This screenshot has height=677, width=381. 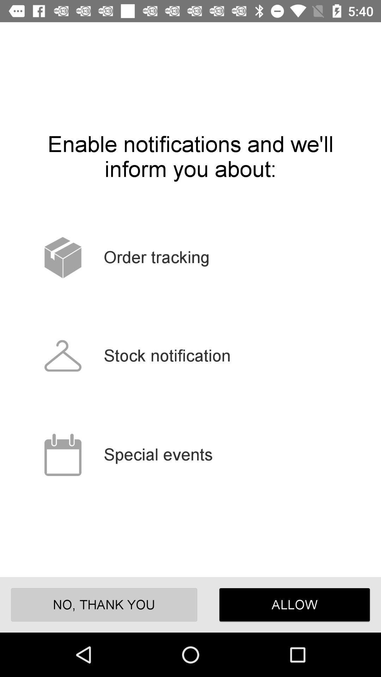 I want to click on icon next to the allow, so click(x=104, y=604).